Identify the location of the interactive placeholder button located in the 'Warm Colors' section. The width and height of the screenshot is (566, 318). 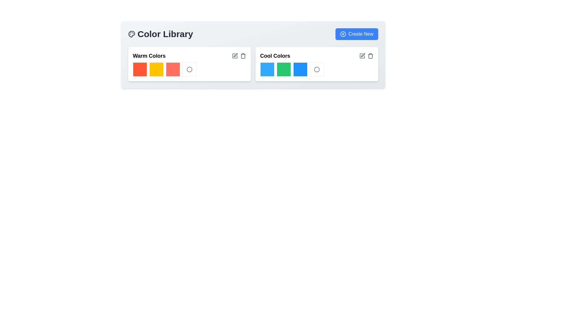
(189, 69).